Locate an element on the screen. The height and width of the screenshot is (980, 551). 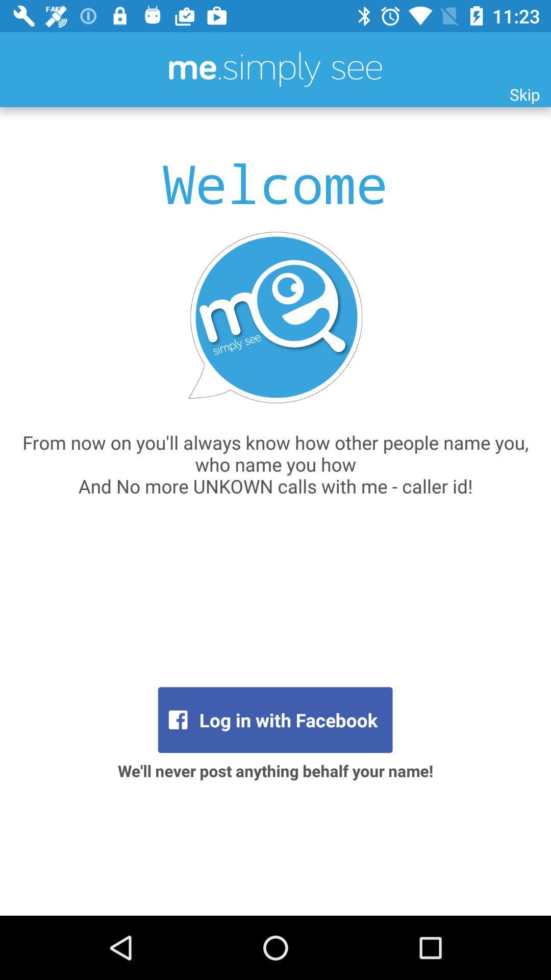
log in with icon is located at coordinates (274, 719).